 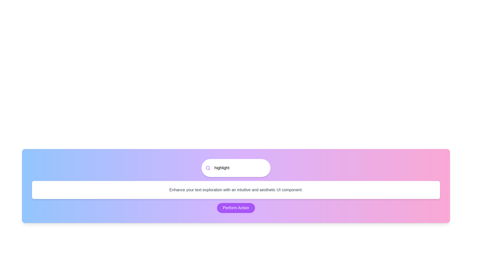 What do you see at coordinates (208, 168) in the screenshot?
I see `the Circle graphical element that is part of the search icon located within a purple-pink gradient band at the top of the interface` at bounding box center [208, 168].